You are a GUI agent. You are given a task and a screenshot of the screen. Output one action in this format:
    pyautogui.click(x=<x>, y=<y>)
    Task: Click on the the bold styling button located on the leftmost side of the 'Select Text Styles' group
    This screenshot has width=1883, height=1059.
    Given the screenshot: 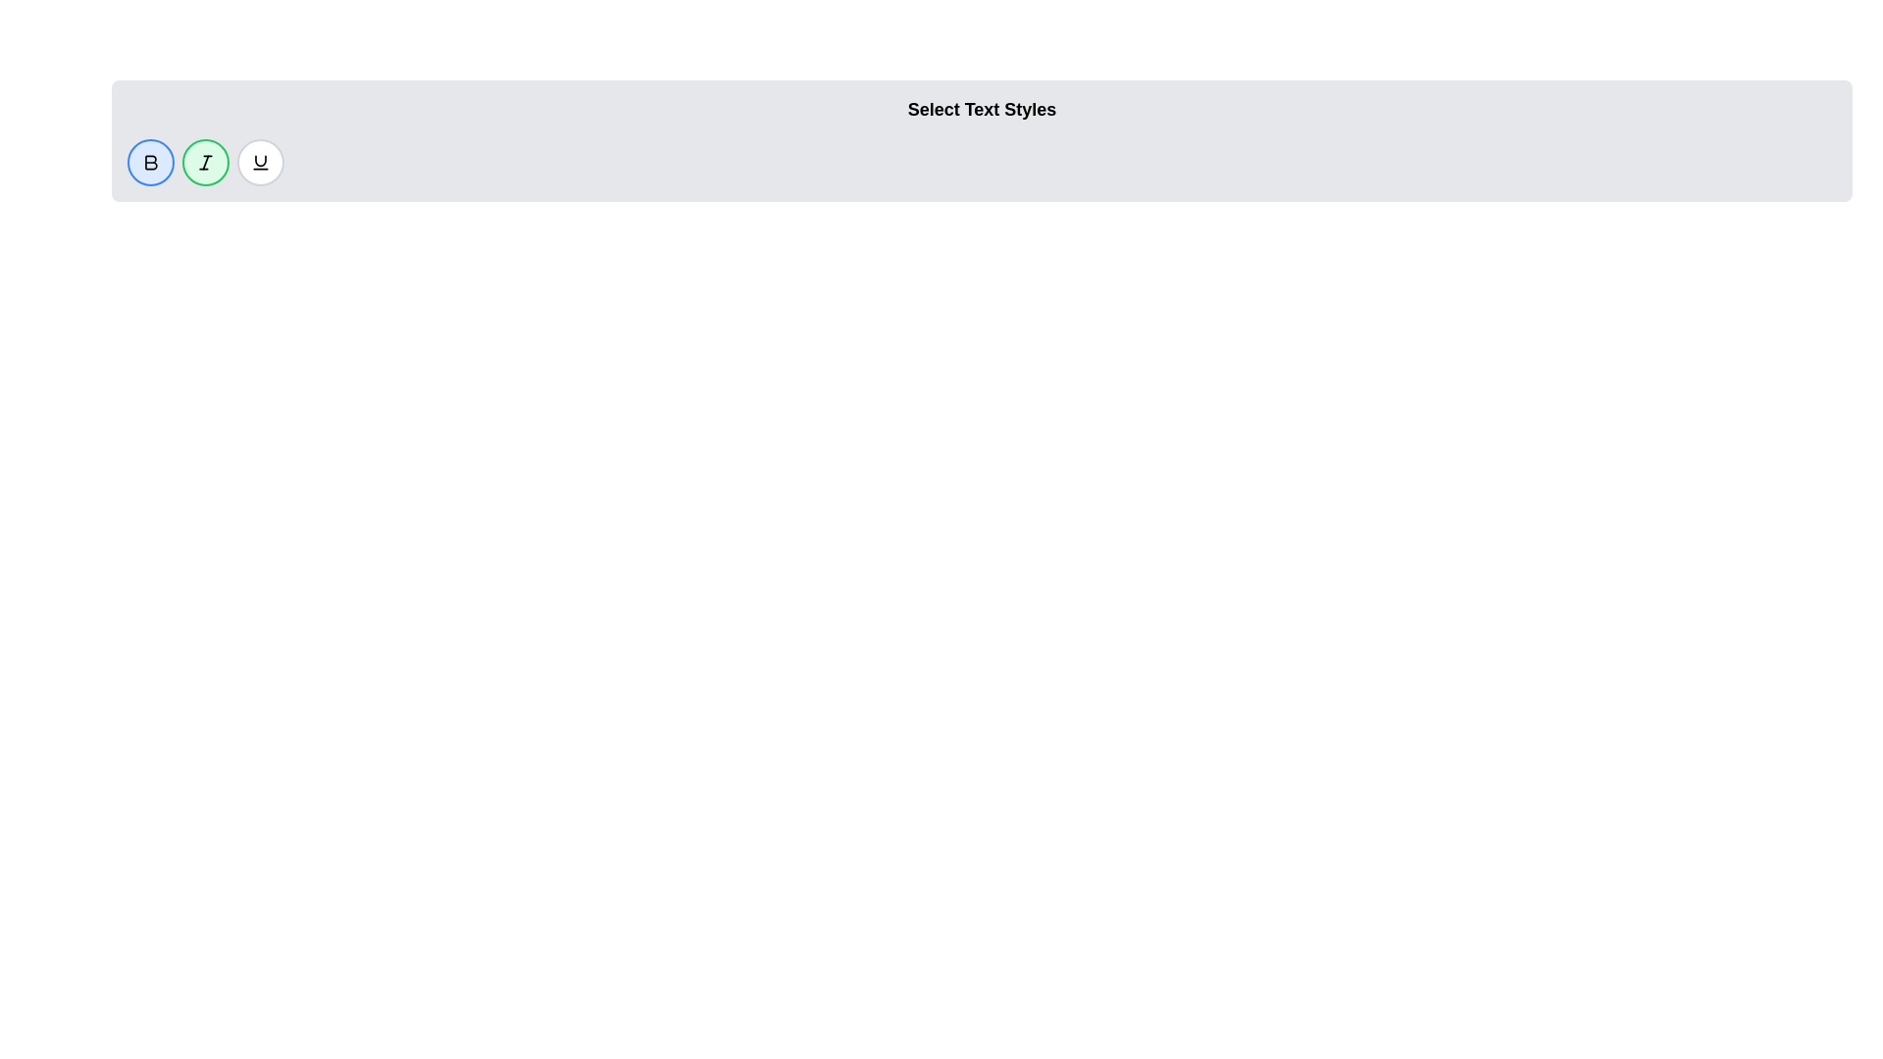 What is the action you would take?
    pyautogui.click(x=149, y=161)
    